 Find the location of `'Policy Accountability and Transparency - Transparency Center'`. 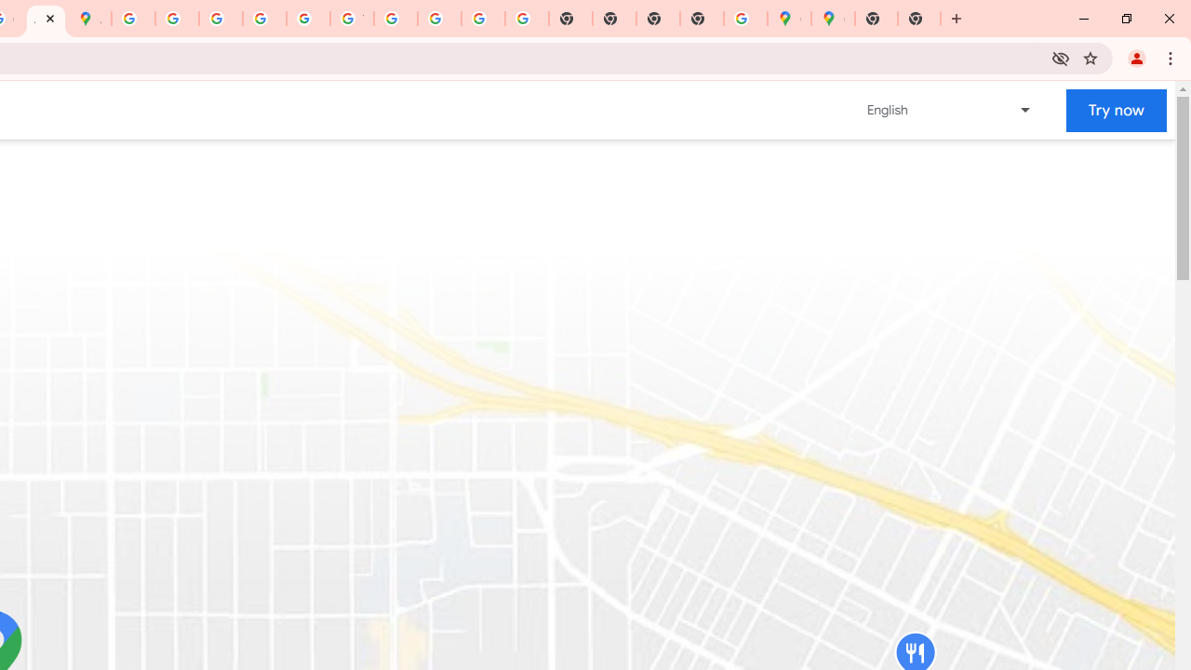

'Policy Accountability and Transparency - Transparency Center' is located at coordinates (133, 19).